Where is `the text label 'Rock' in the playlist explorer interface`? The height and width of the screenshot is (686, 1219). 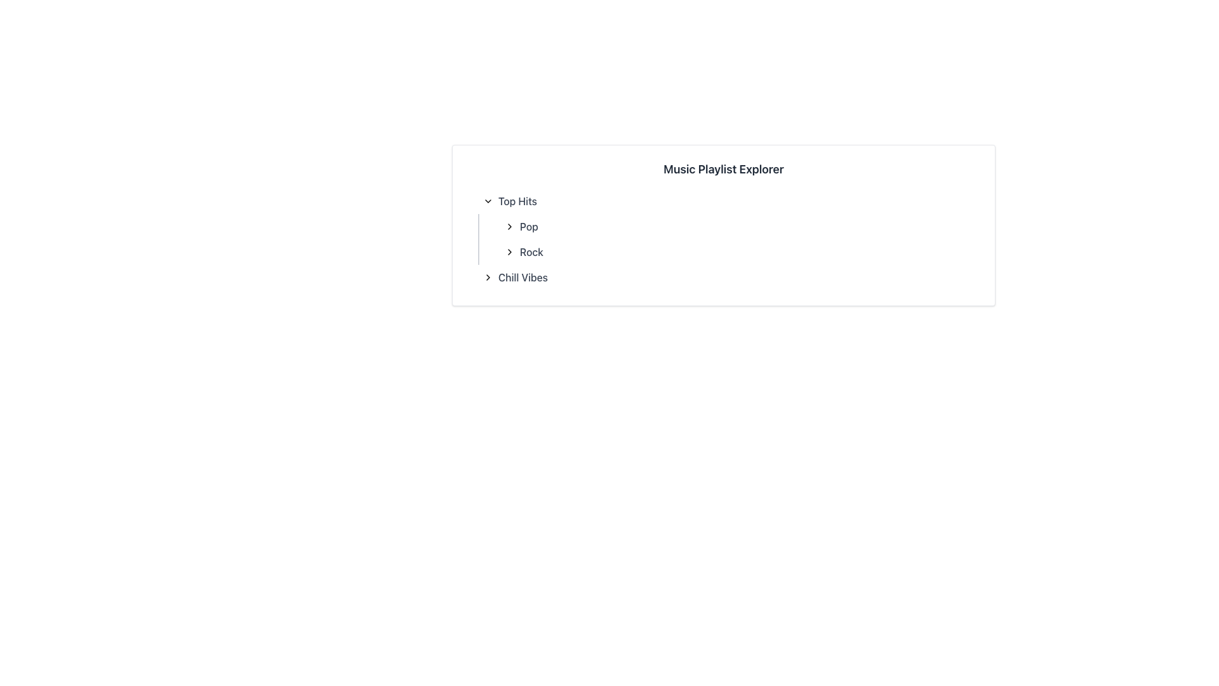 the text label 'Rock' in the playlist explorer interface is located at coordinates (531, 252).